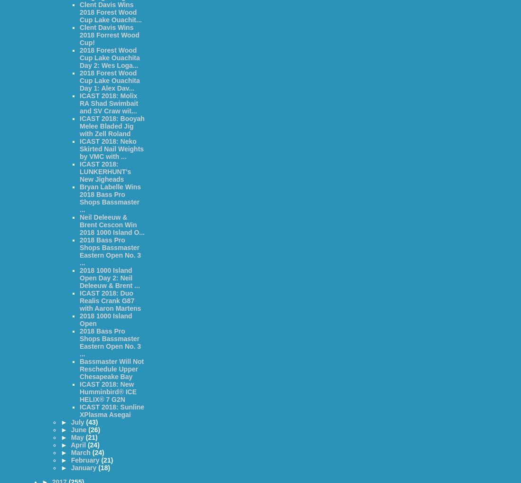 Image resolution: width=521 pixels, height=483 pixels. I want to click on 'ICAST 2018: Duo Realis Crank G87 with Aaron Martens', so click(110, 300).